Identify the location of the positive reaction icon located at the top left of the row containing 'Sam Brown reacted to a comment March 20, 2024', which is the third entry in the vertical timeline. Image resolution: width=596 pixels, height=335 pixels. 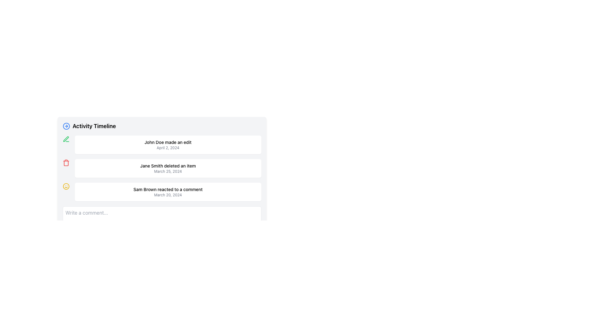
(66, 186).